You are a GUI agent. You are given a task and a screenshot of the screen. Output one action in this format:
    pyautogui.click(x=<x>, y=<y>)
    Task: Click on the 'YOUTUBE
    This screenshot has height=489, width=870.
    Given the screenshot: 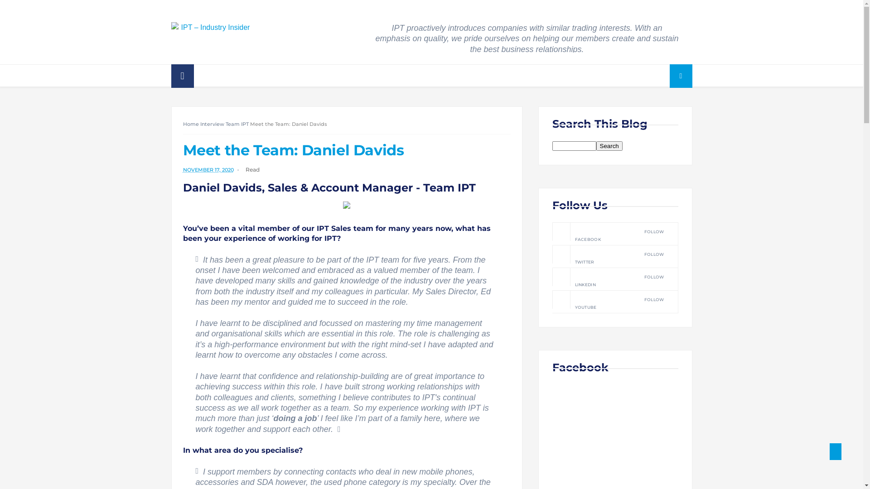 What is the action you would take?
    pyautogui.click(x=614, y=302)
    